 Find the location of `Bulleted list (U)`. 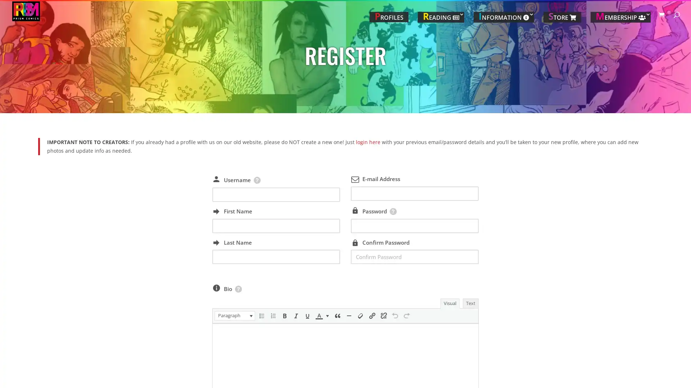

Bulleted list (U) is located at coordinates (261, 315).